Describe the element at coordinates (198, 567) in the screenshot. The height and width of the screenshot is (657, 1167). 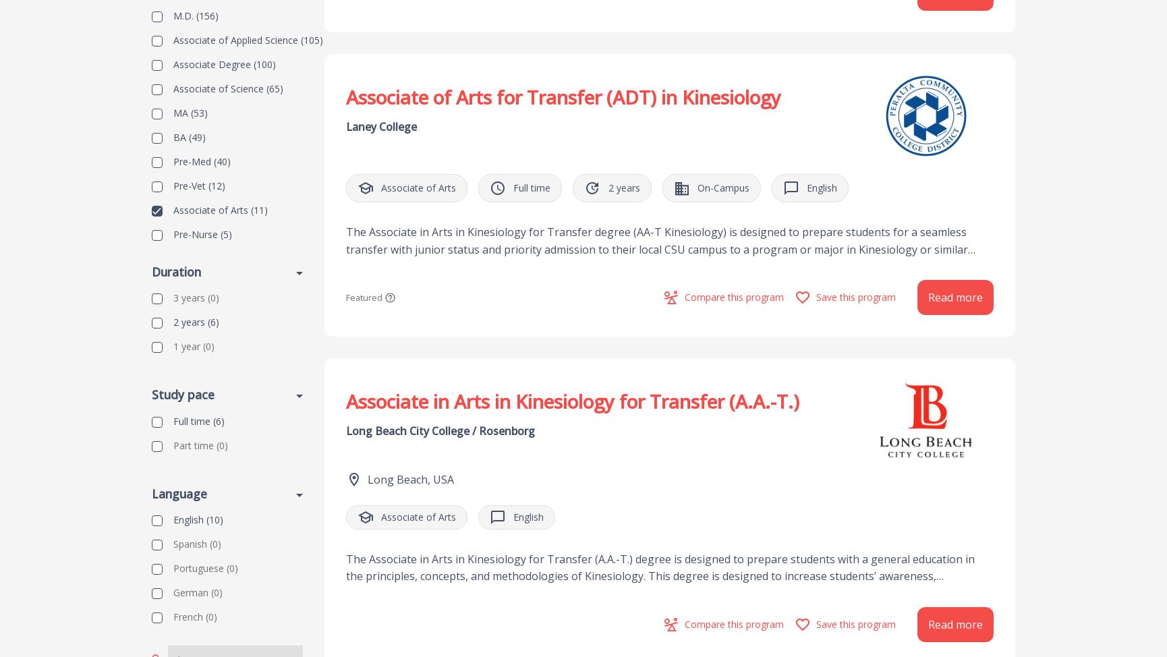
I see `'Portuguese'` at that location.